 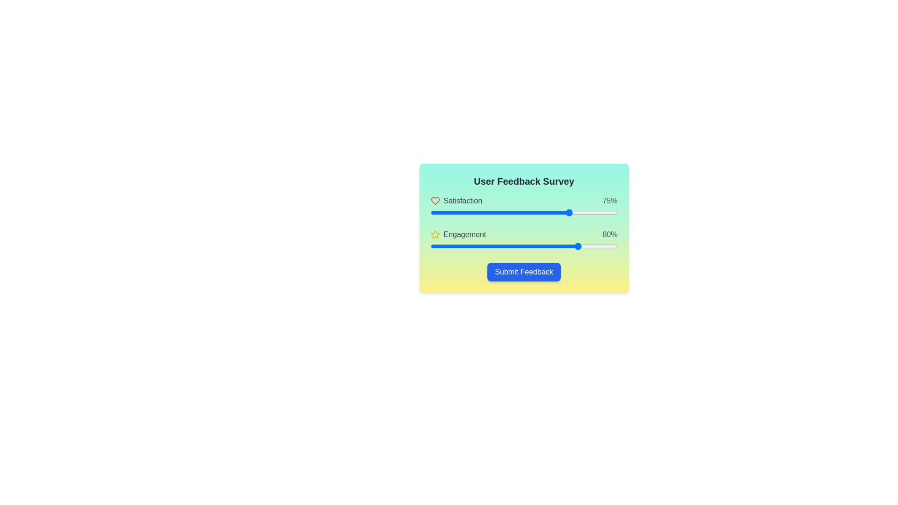 I want to click on the engagement slider to set its value to 18, so click(x=464, y=246).